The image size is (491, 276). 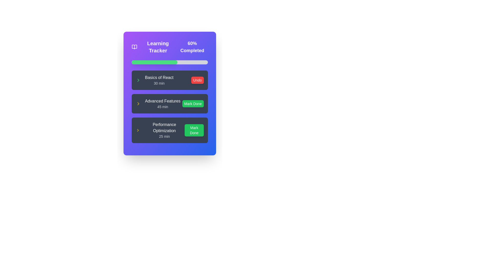 What do you see at coordinates (162, 106) in the screenshot?
I see `the text label displaying '45 min', which is located below the 'Advanced Features' header in a dark panel` at bounding box center [162, 106].